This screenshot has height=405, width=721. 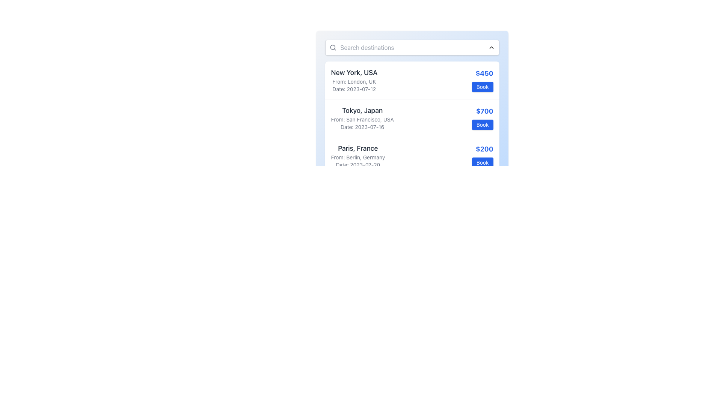 What do you see at coordinates (332, 47) in the screenshot?
I see `the decorative circle of the magnifying glass icon located at the left edge of the 'Search destinations' text input` at bounding box center [332, 47].